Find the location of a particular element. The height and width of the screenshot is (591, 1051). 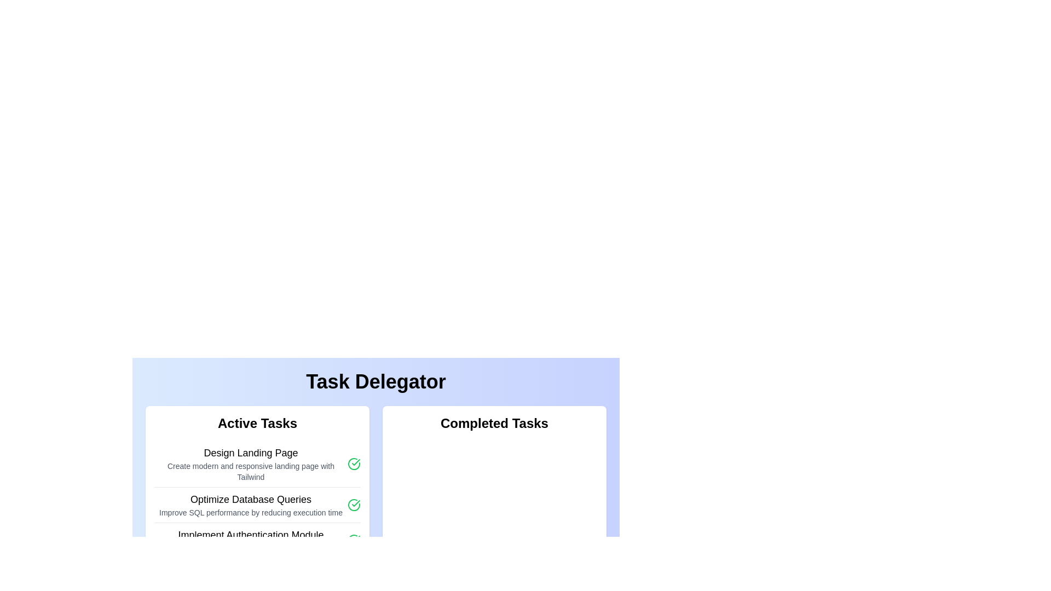

the List item titled 'Optimize Database Queries' from the 'Active Tasks' section is located at coordinates (250, 505).